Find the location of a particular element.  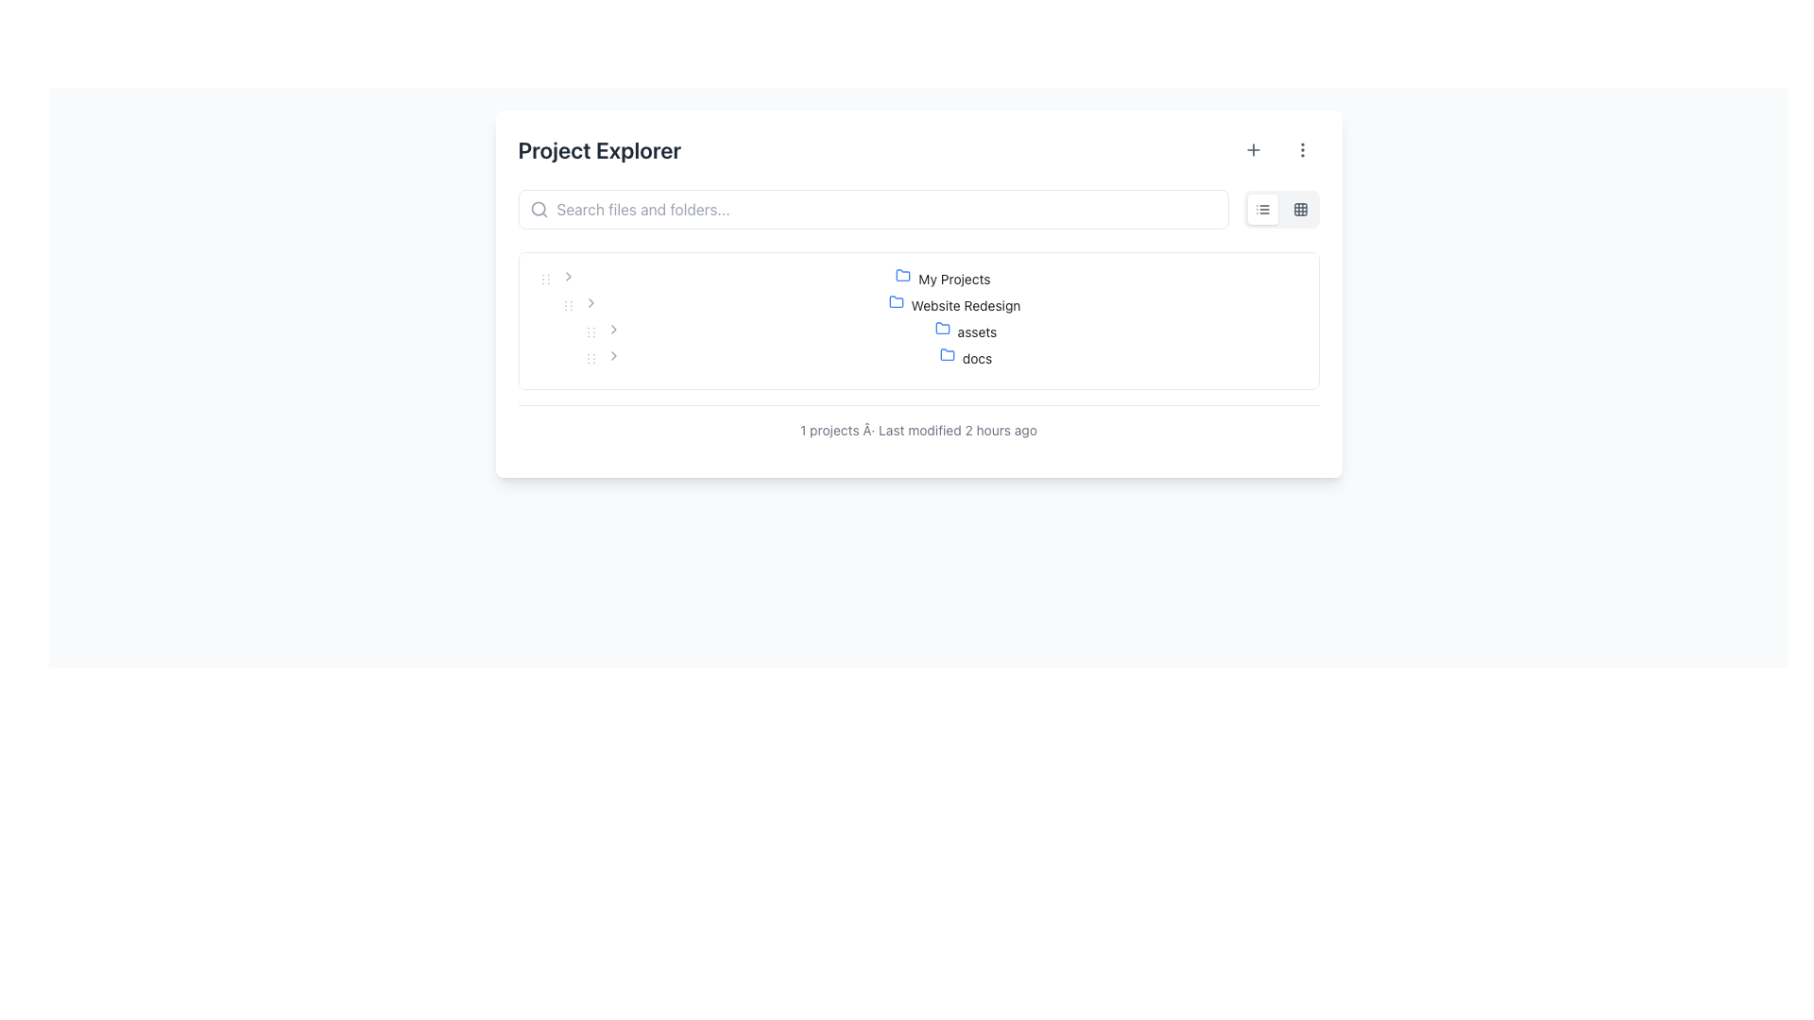

on the 'My Projects' Tree Node Header, which is the first main node in the tree structure is located at coordinates (943, 280).